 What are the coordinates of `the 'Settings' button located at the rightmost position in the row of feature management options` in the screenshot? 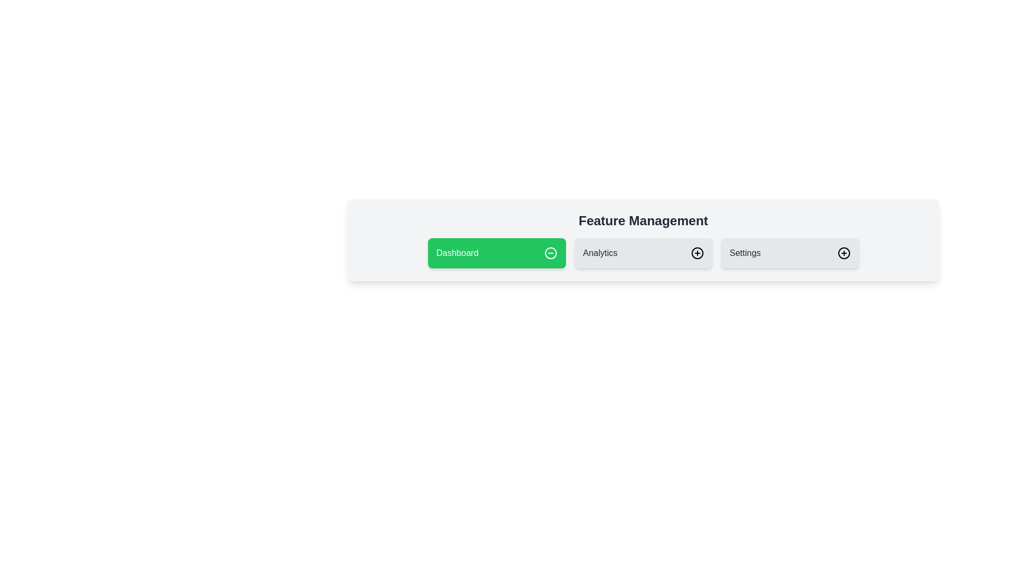 It's located at (790, 253).